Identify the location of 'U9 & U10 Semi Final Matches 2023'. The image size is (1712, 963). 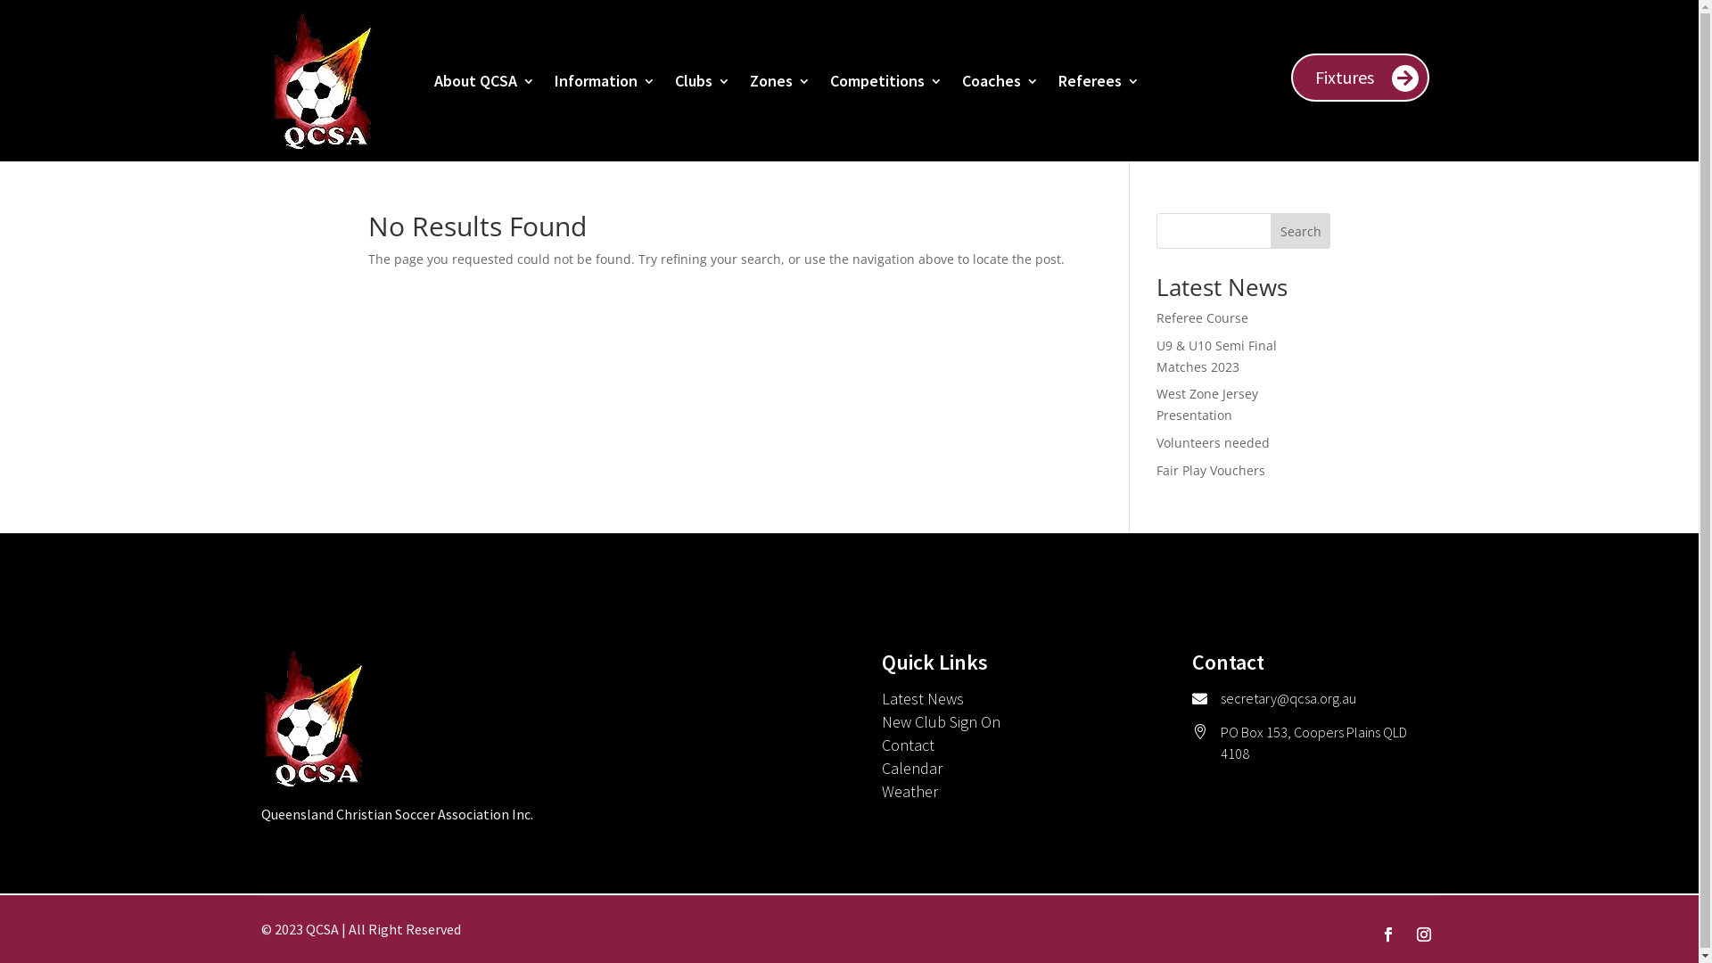
(1215, 356).